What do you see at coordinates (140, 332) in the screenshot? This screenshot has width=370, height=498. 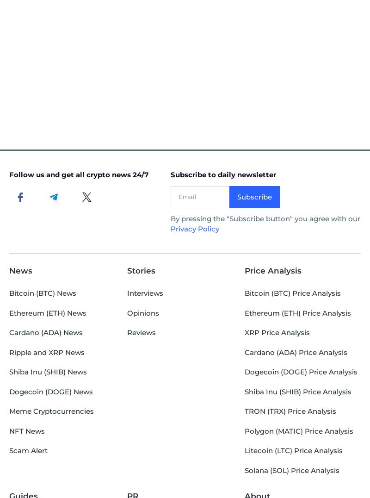 I see `'Reviews'` at bounding box center [140, 332].